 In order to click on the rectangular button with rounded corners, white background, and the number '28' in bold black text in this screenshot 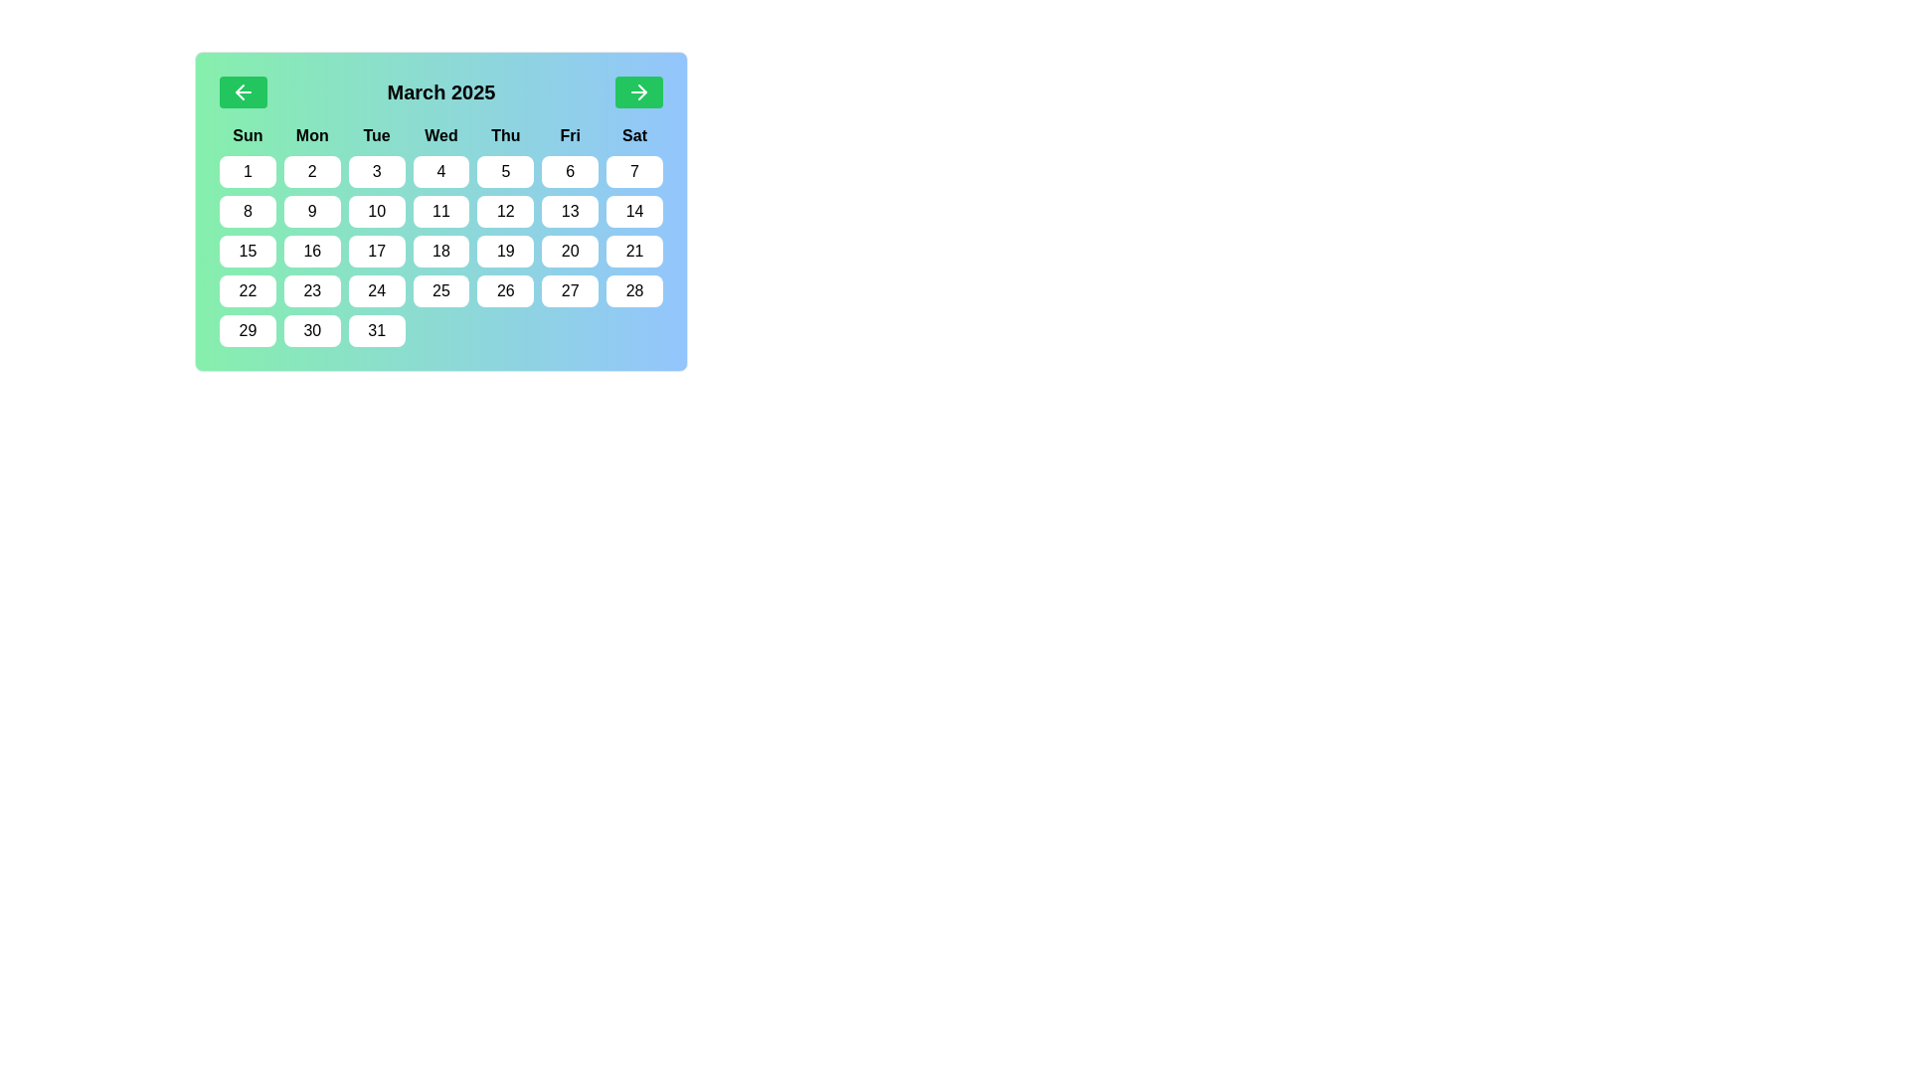, I will do `click(633, 291)`.